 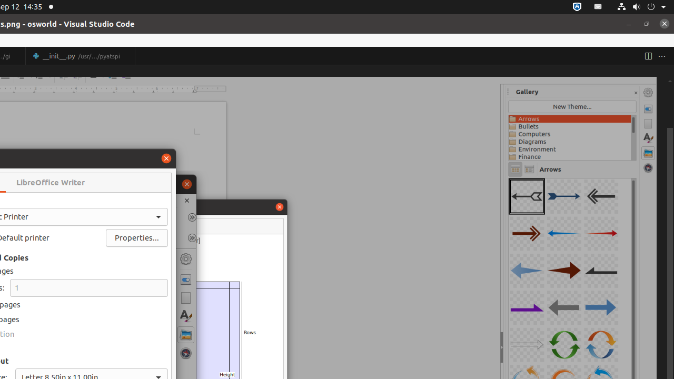 What do you see at coordinates (598, 7) in the screenshot?
I see `':1.21/StatusNotifierItem'` at bounding box center [598, 7].